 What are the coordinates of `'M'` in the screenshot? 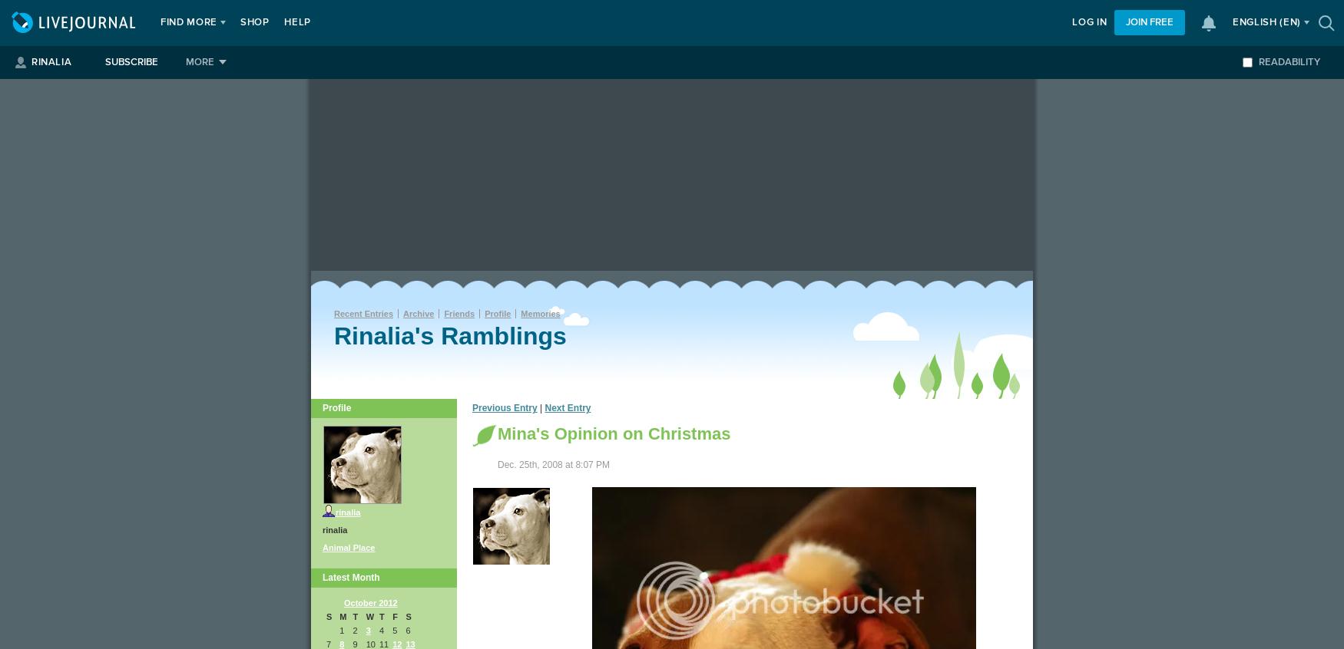 It's located at (339, 617).